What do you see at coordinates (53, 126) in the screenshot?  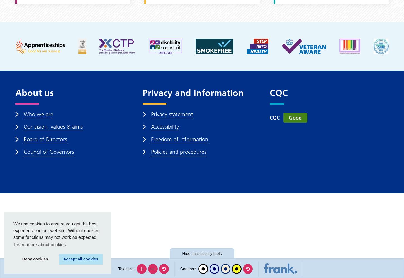 I see `'Our vision, values & aims'` at bounding box center [53, 126].